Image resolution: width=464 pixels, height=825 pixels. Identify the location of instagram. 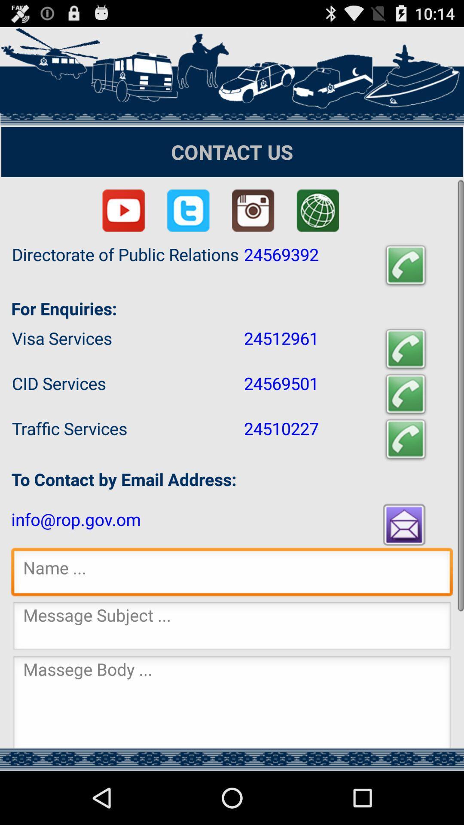
(253, 211).